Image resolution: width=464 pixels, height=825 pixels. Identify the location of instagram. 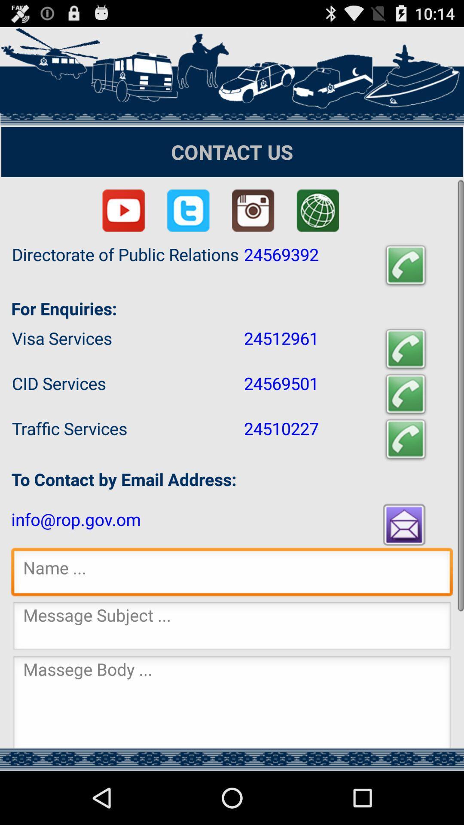
(253, 211).